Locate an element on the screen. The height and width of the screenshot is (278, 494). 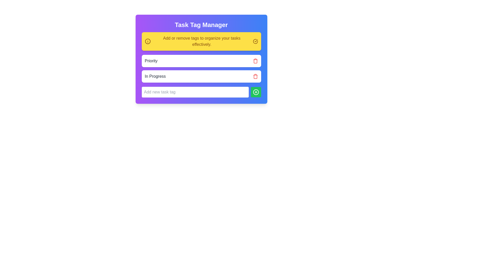
the button located at the bottom-right corner of the 'Add new task tag' text input field is located at coordinates (256, 92).